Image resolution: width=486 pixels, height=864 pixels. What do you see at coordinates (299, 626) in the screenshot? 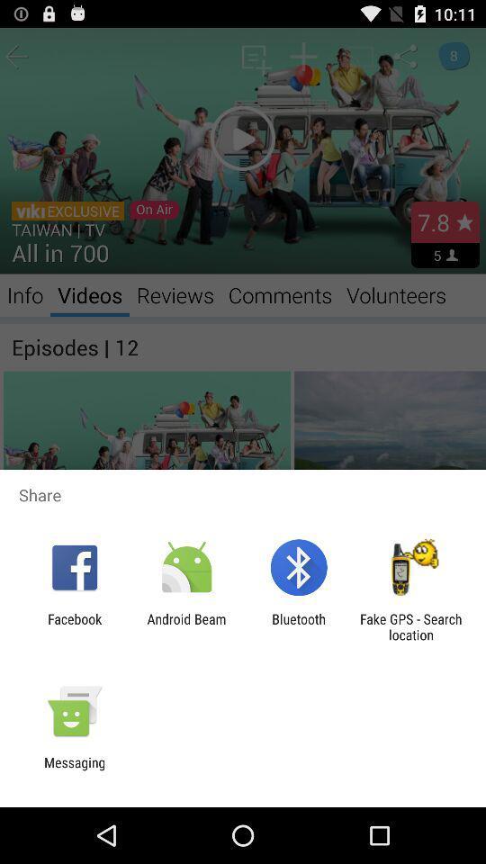
I see `icon next to android beam app` at bounding box center [299, 626].